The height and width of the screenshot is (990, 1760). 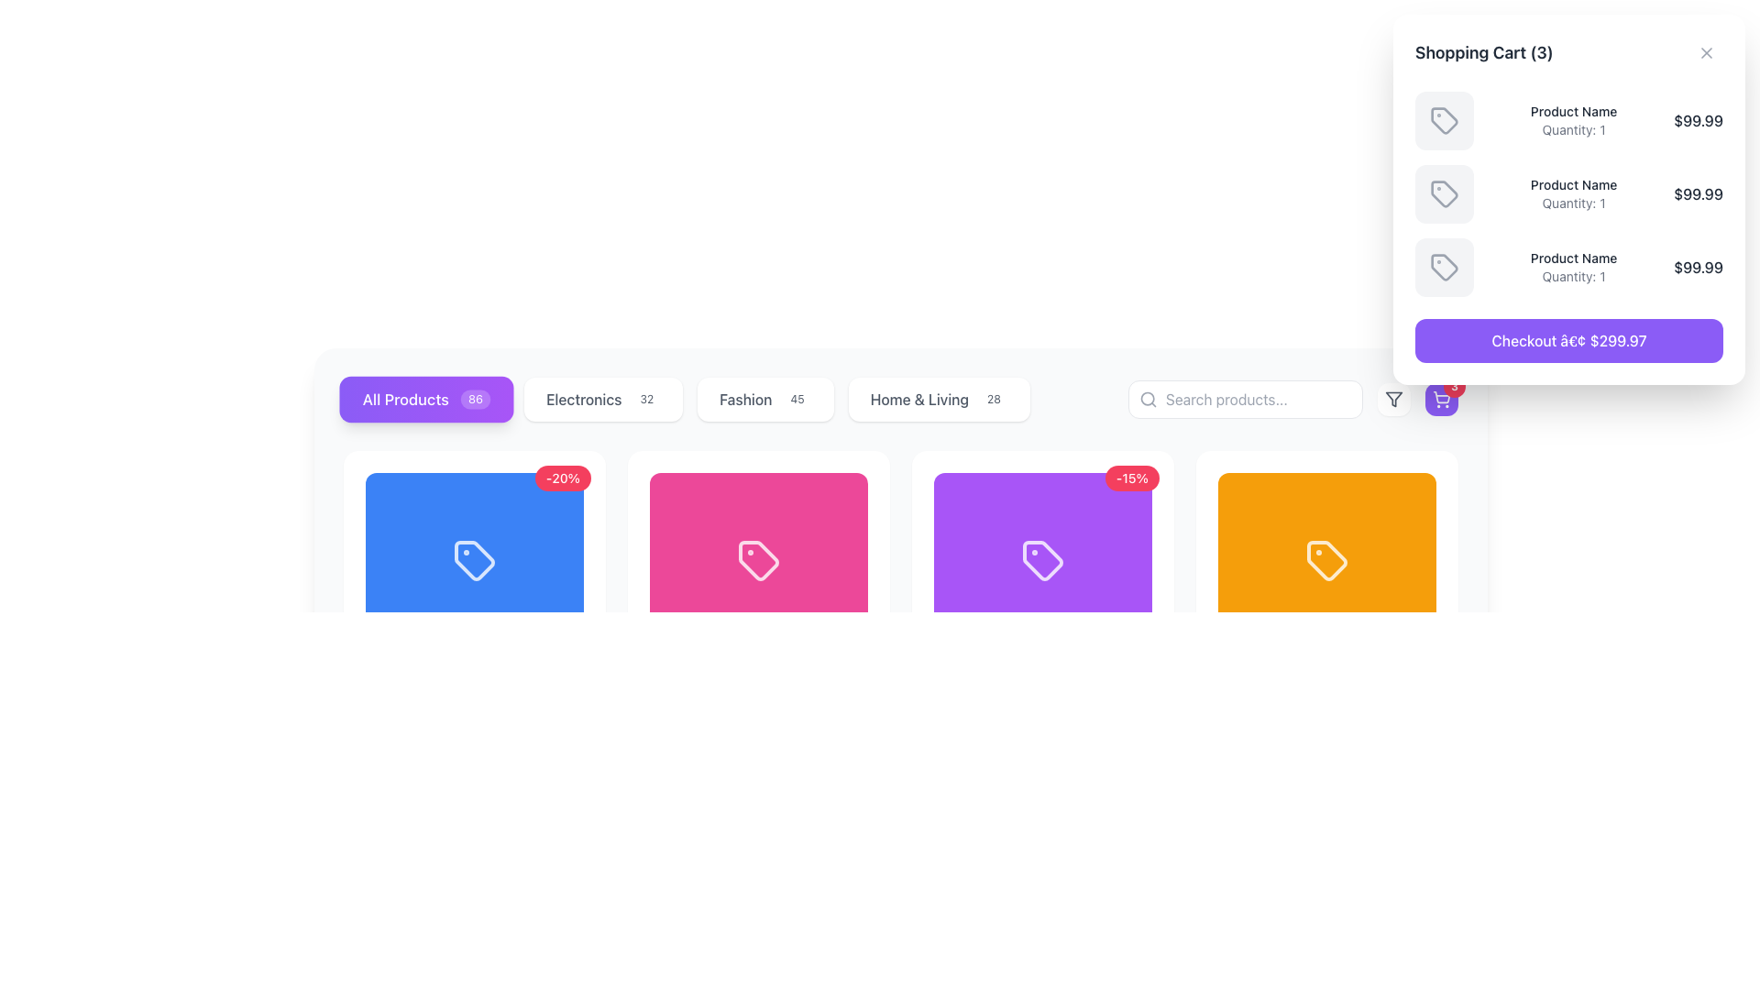 What do you see at coordinates (1443, 268) in the screenshot?
I see `the square icon with rounded corners in the Shopping Cart section, which represents the third item in the cart list` at bounding box center [1443, 268].